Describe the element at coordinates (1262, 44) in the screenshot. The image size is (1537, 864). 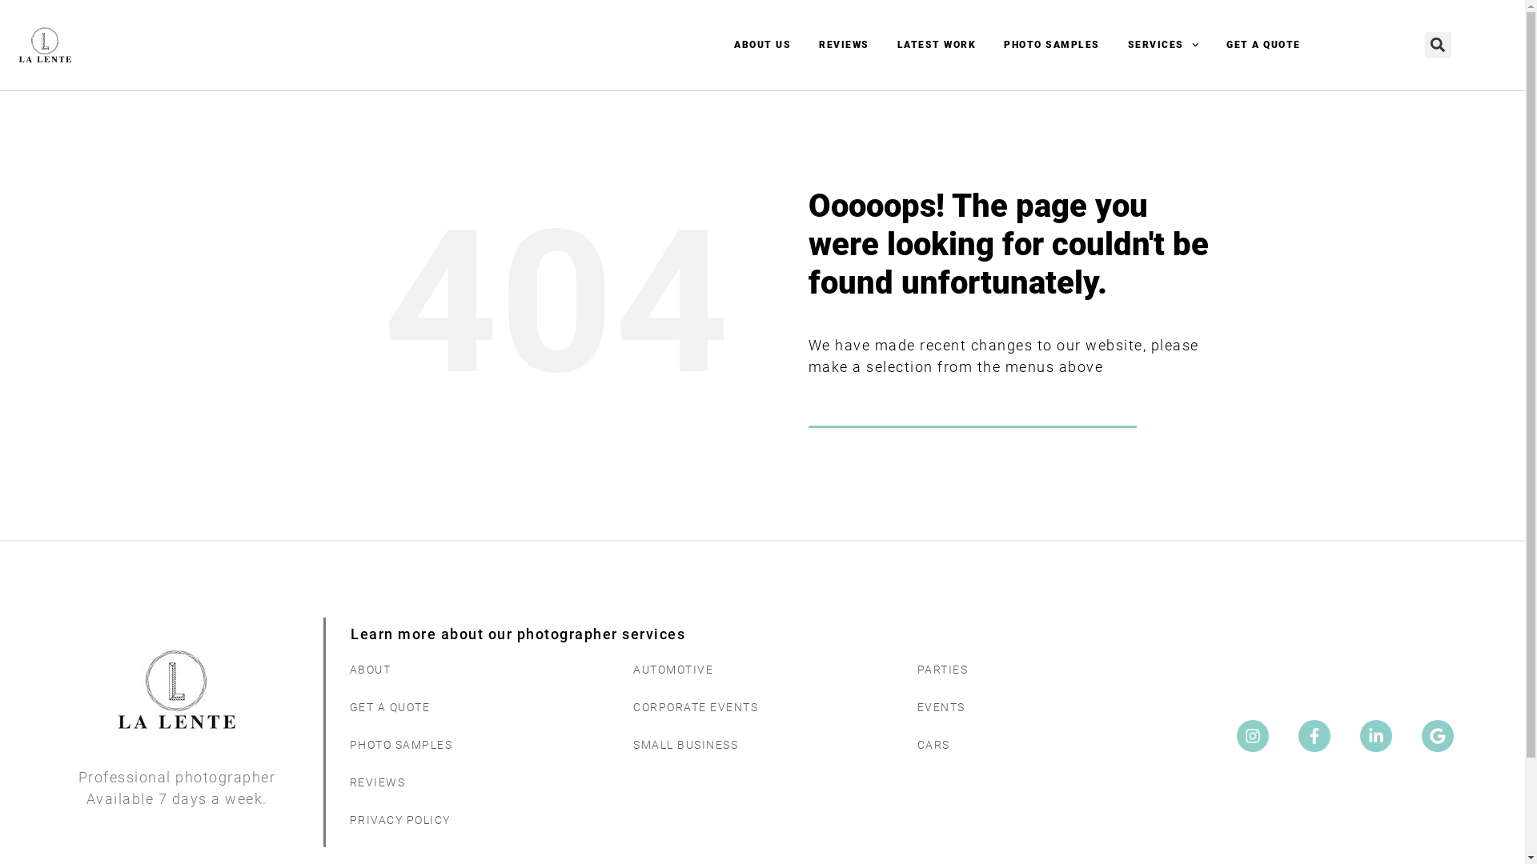
I see `'GET A QUOTE'` at that location.